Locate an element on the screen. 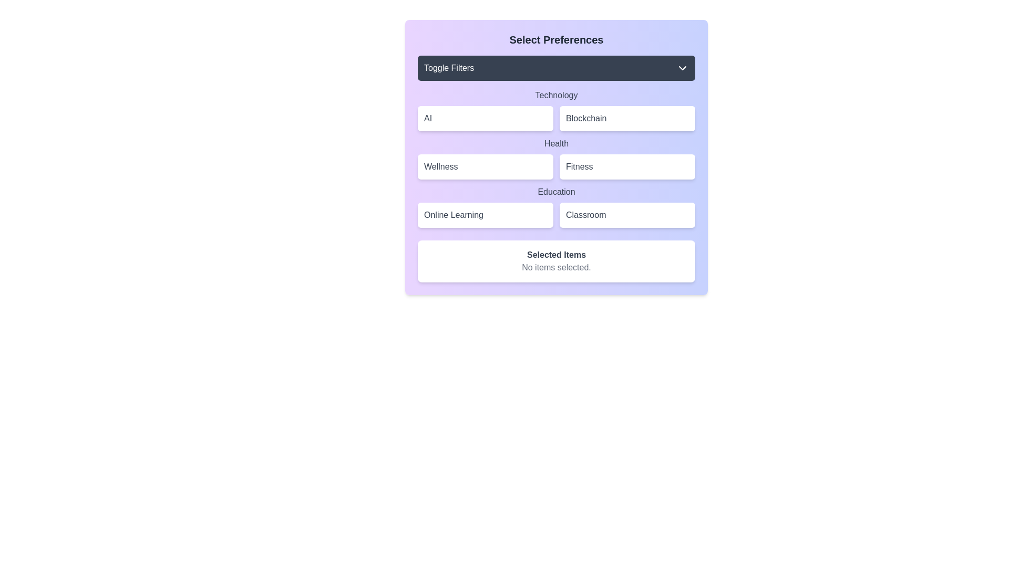 The image size is (1009, 567). the status indicator text label that informs the user that no items have been selected, located under the 'Selected Items' title is located at coordinates (556, 267).